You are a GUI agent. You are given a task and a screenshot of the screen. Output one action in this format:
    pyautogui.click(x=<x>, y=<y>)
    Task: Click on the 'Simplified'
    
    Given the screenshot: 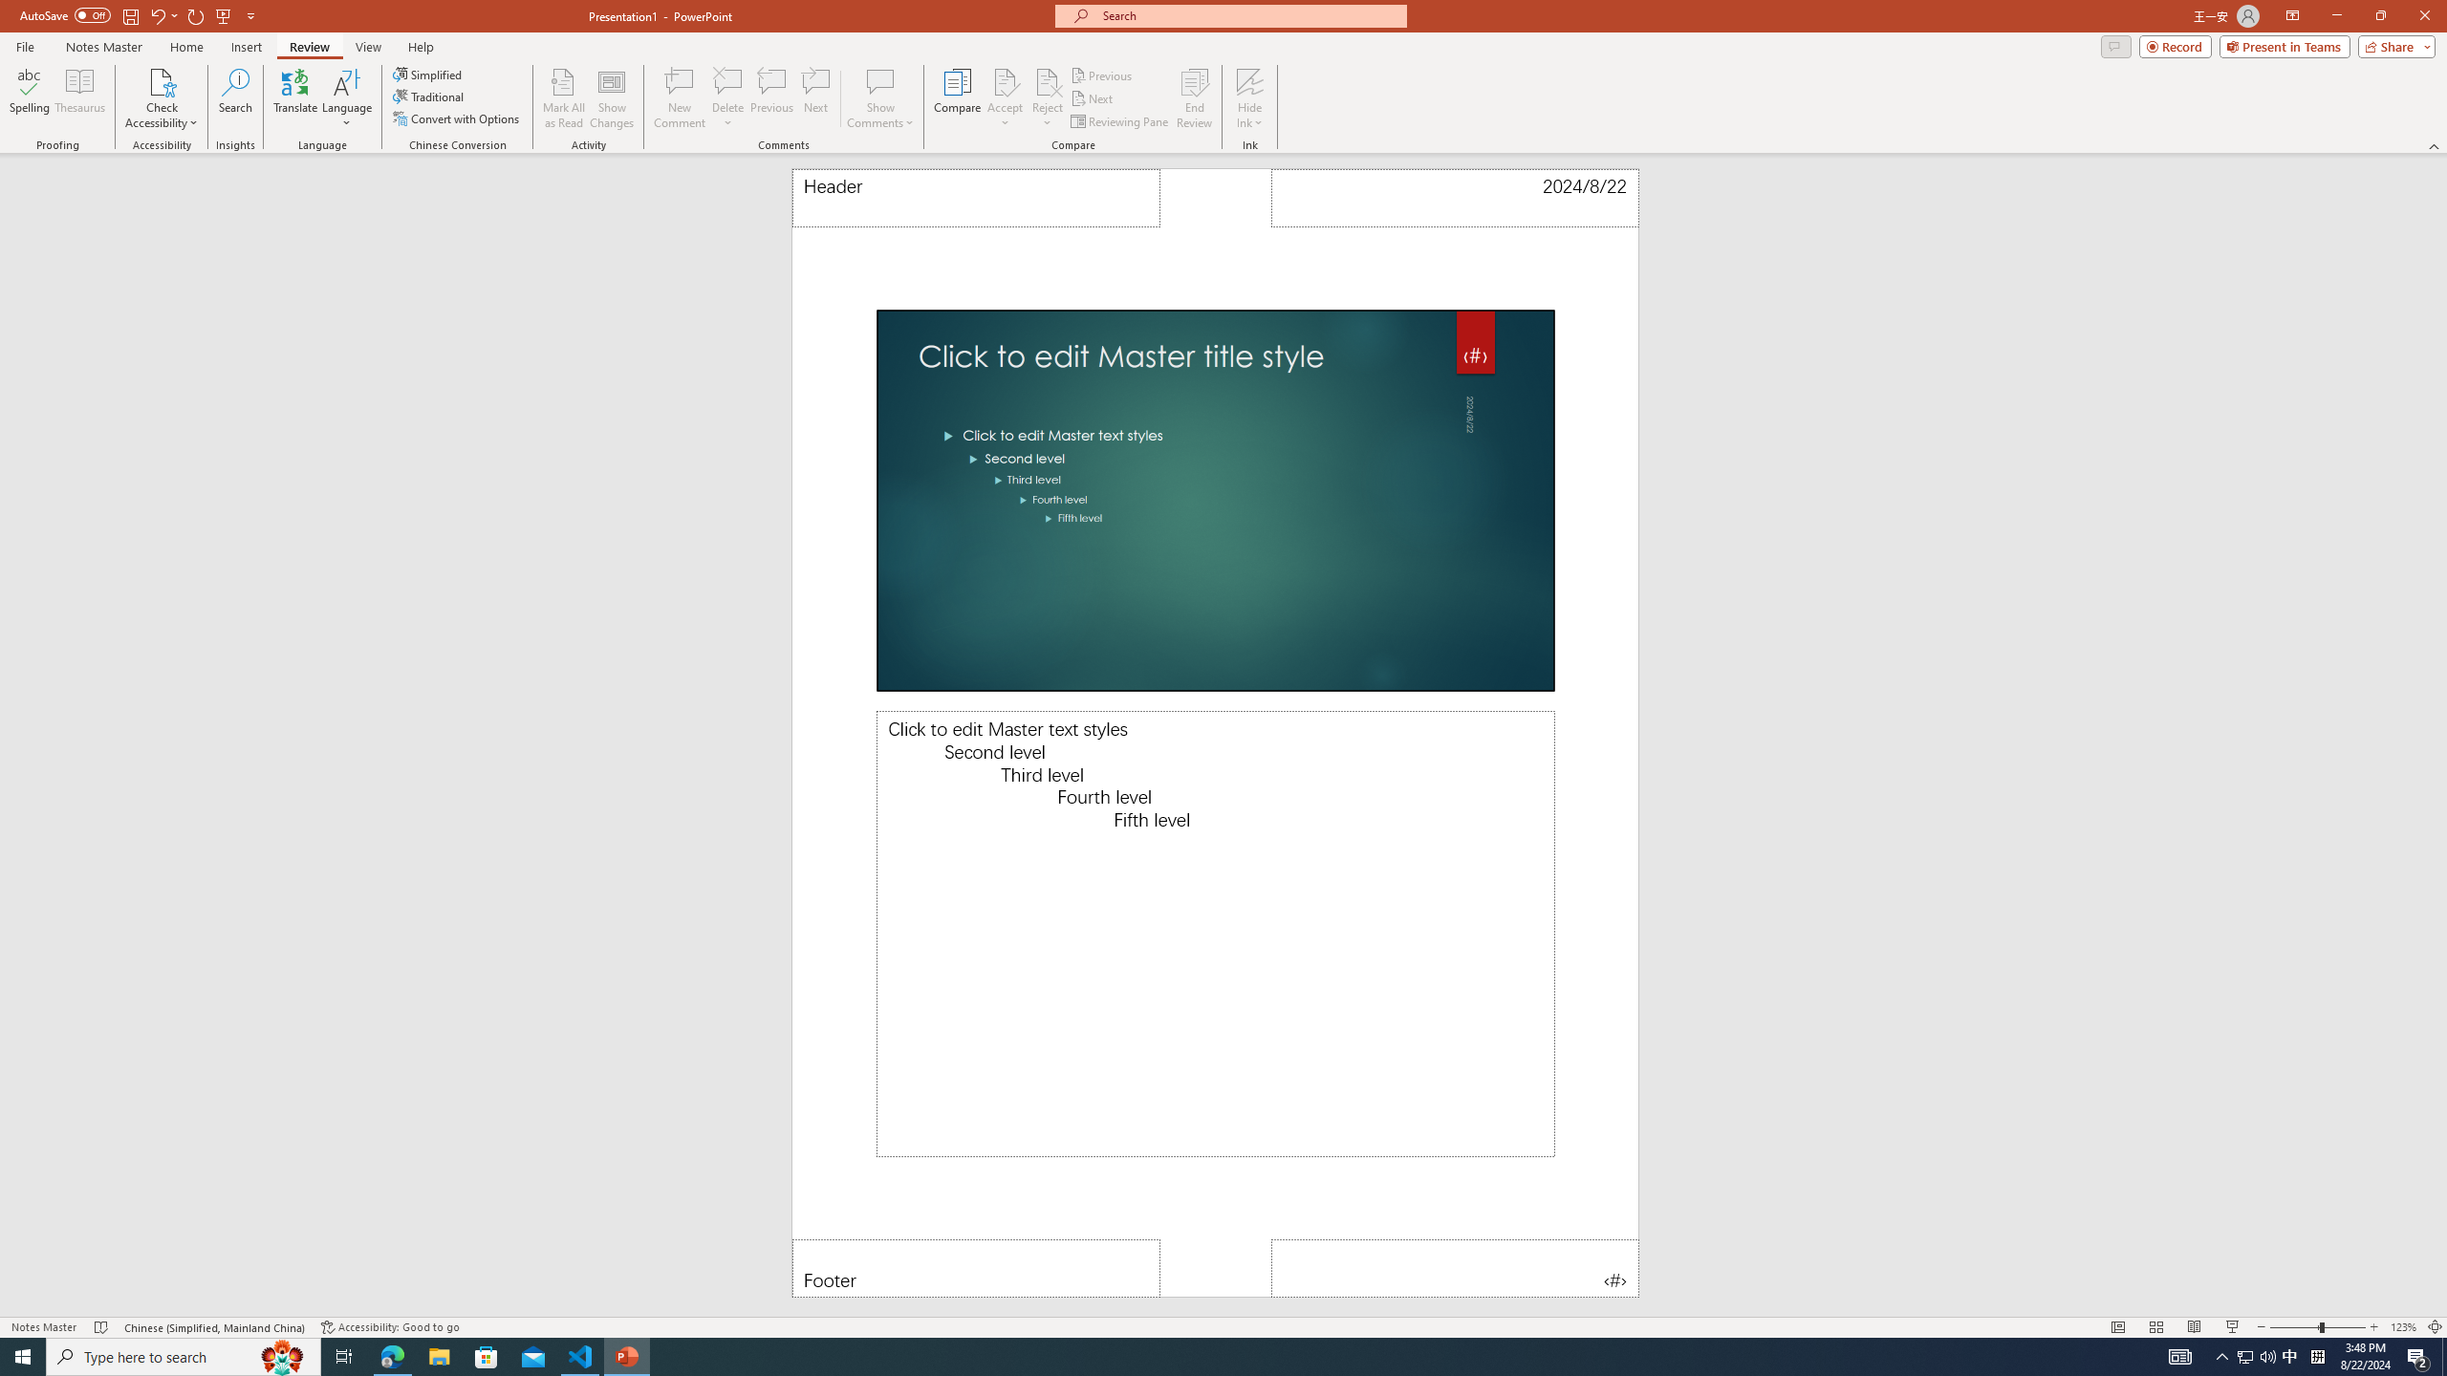 What is the action you would take?
    pyautogui.click(x=428, y=74)
    